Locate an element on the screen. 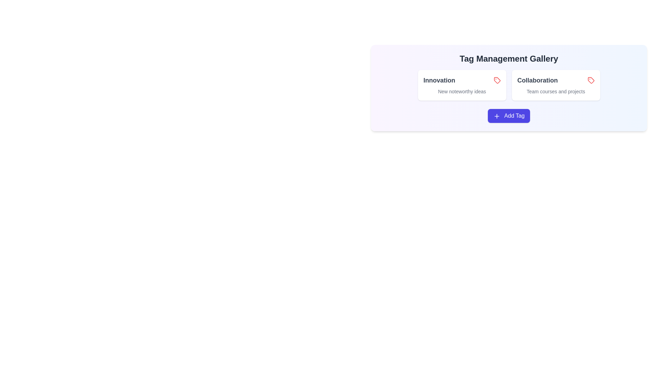 Image resolution: width=670 pixels, height=376 pixels. the text label located in the Tag Management Gallery, which serves as the title for the card titled 'Collaboration'. This label is positioned above the description 'Team courses and projects' is located at coordinates (556, 80).